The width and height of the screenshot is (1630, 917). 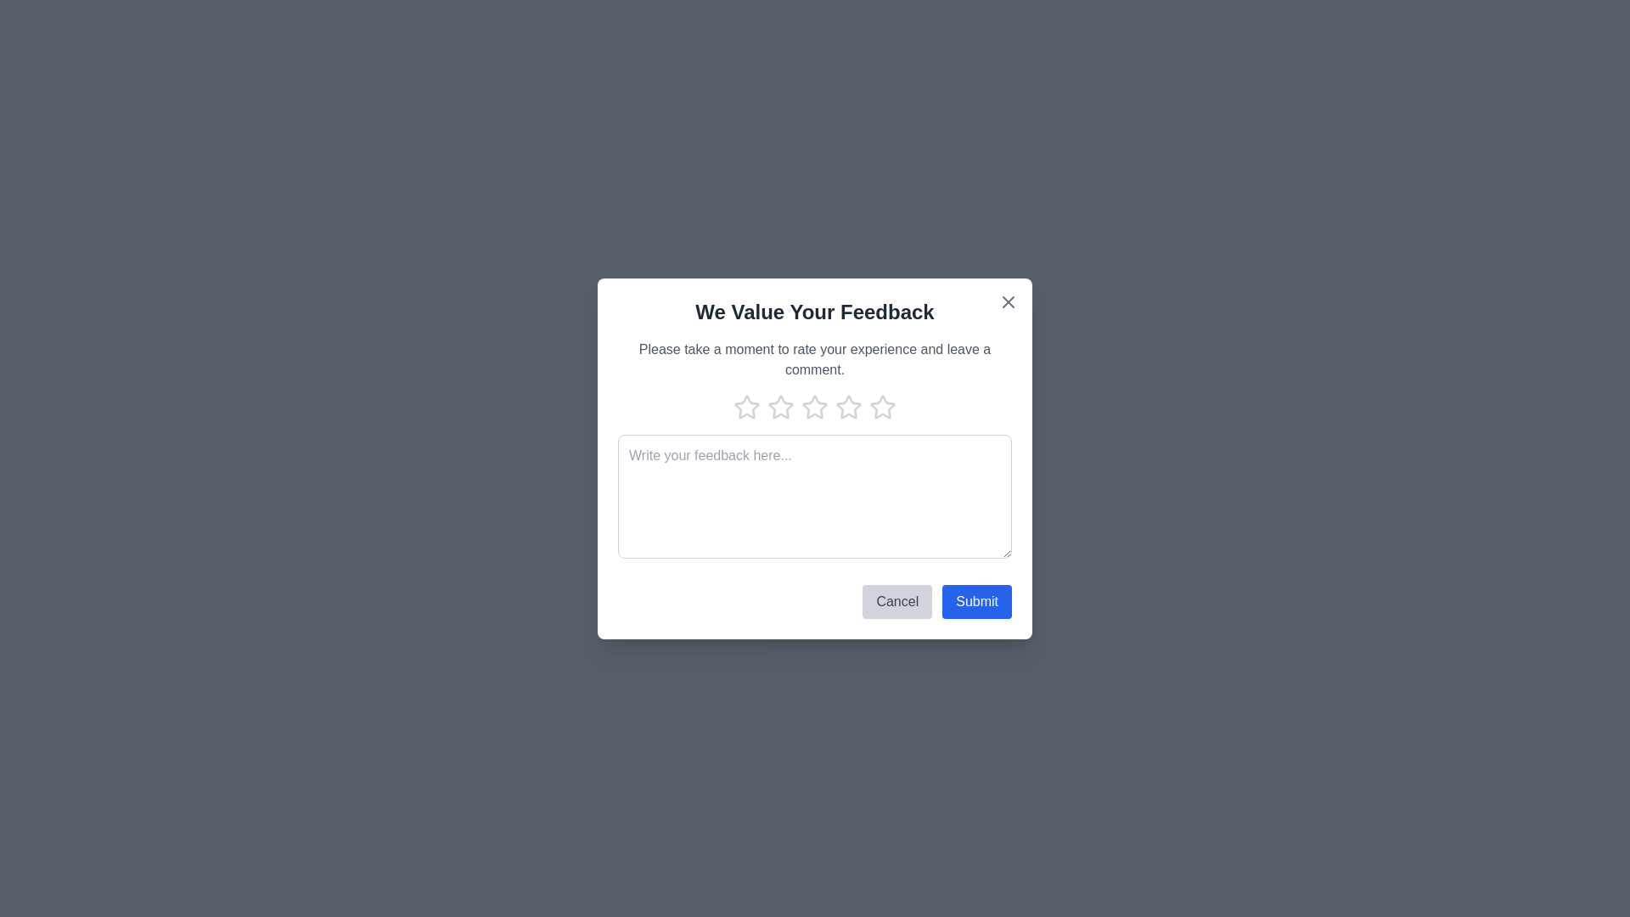 I want to click on static text content that provides instructions for rating the experience and leaving feedback, located below the title 'We Value Your Feedback' and above the star rating control in the feedback modal, so click(x=815, y=358).